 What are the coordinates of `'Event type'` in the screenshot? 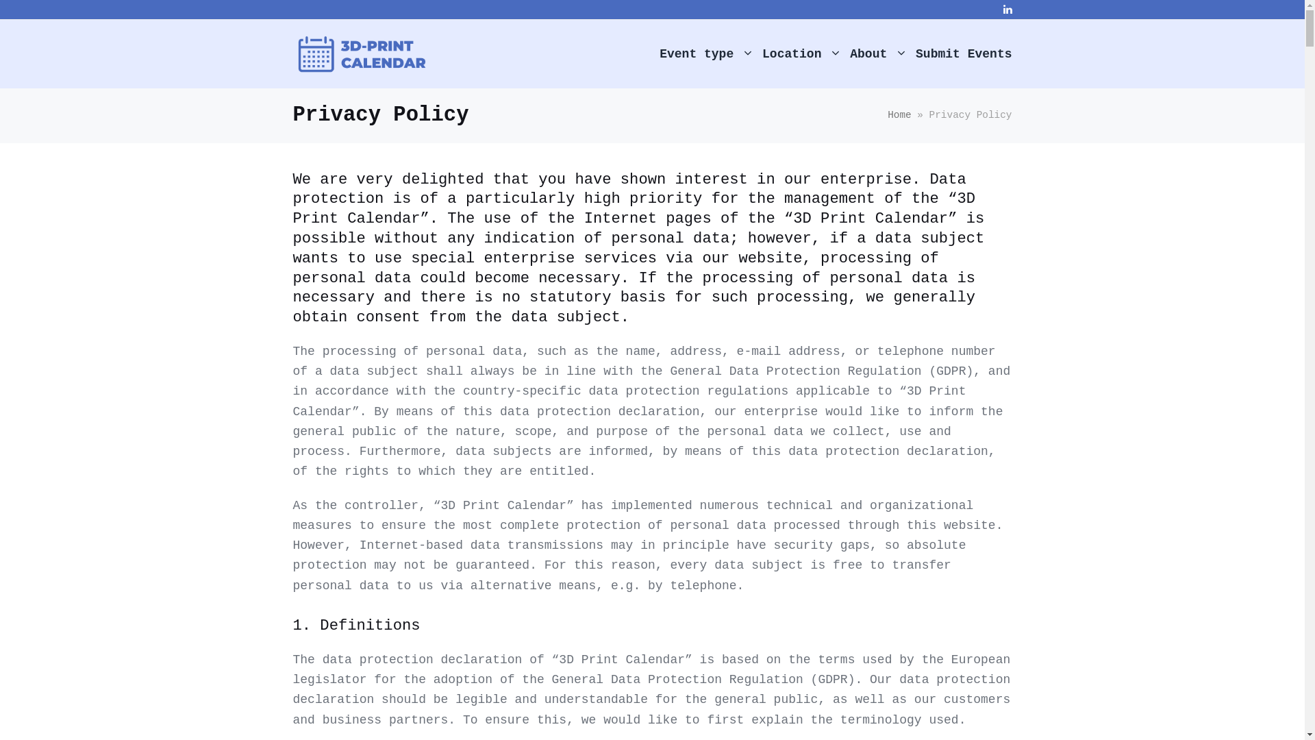 It's located at (705, 53).